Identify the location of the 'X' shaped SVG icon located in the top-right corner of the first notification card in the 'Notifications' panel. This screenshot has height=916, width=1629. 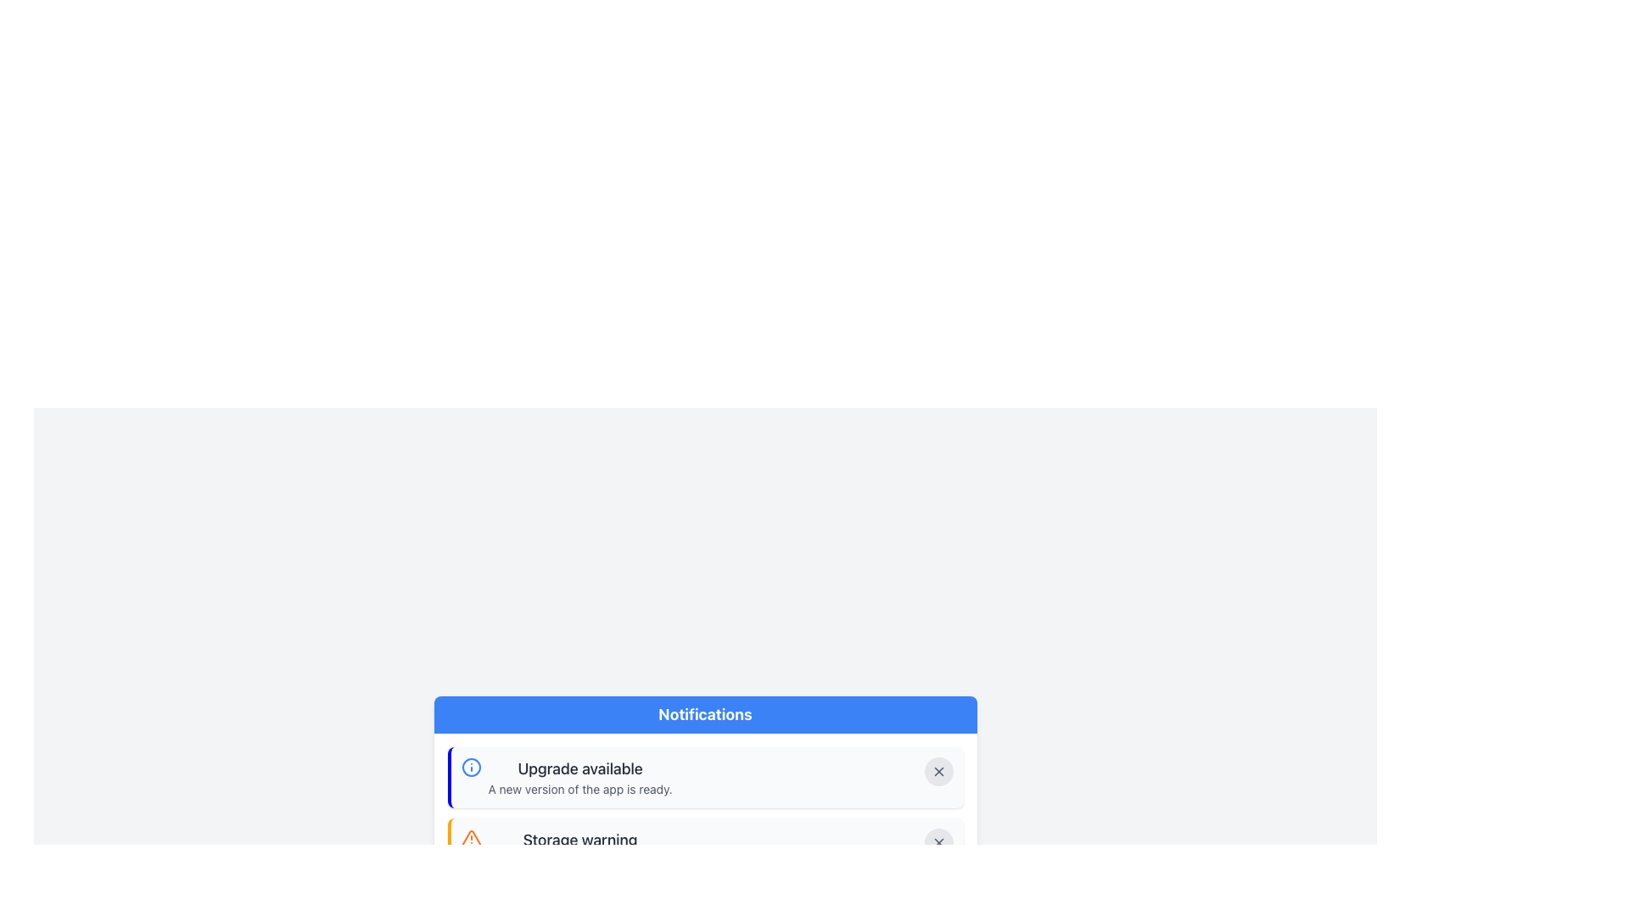
(938, 772).